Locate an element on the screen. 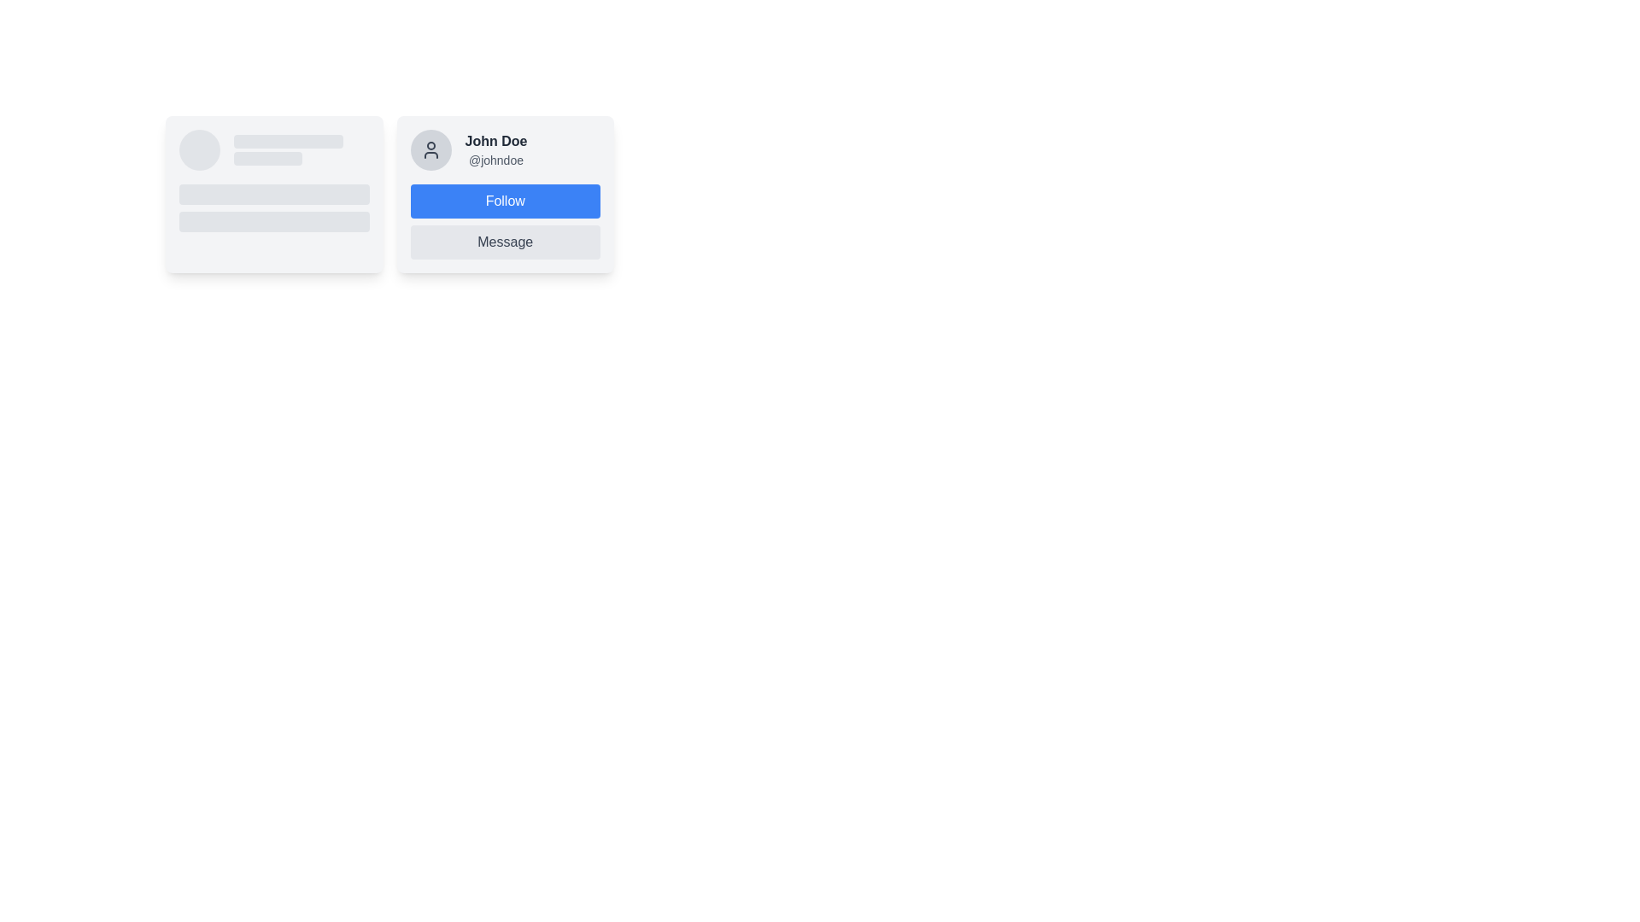  the Text Display element that shows 'John Doe' and '@johndoe' is located at coordinates (495, 149).